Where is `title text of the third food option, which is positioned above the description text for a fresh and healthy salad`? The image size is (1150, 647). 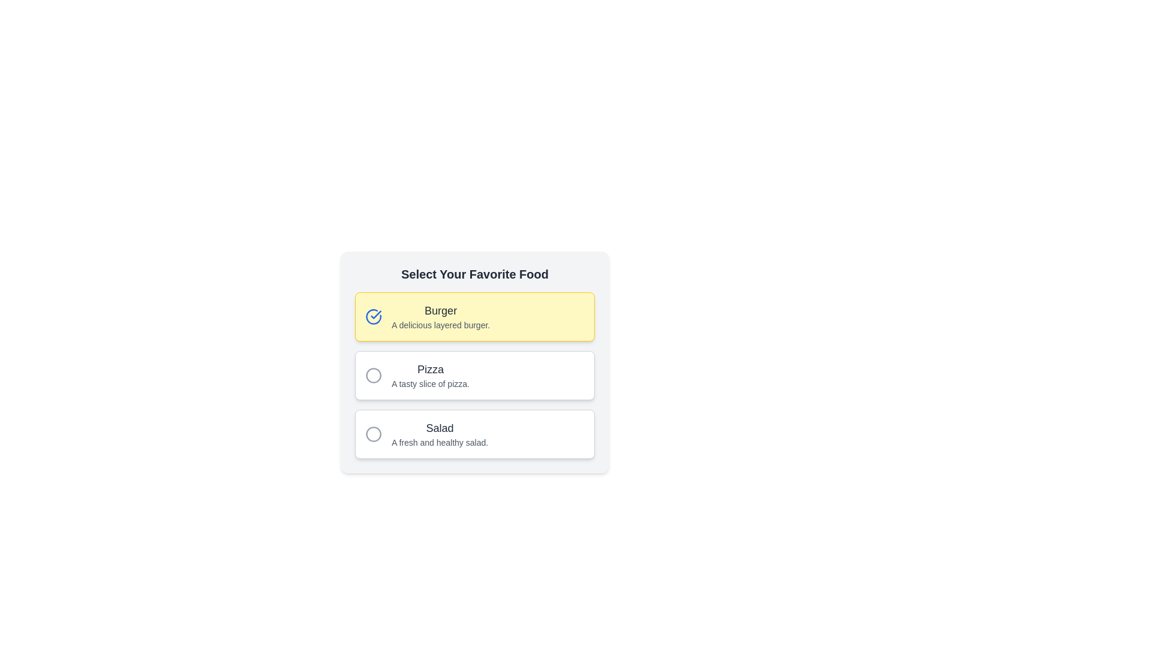 title text of the third food option, which is positioned above the description text for a fresh and healthy salad is located at coordinates (439, 427).